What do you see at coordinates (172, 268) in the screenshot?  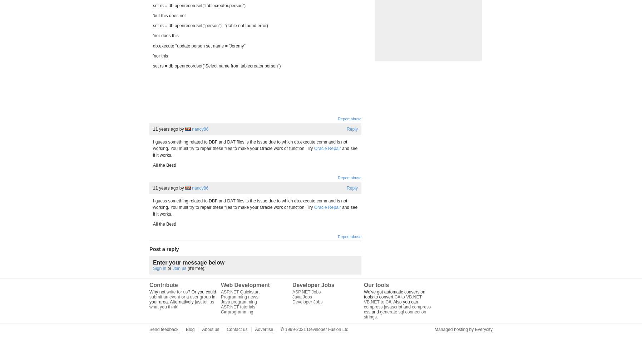 I see `'Join us'` at bounding box center [172, 268].